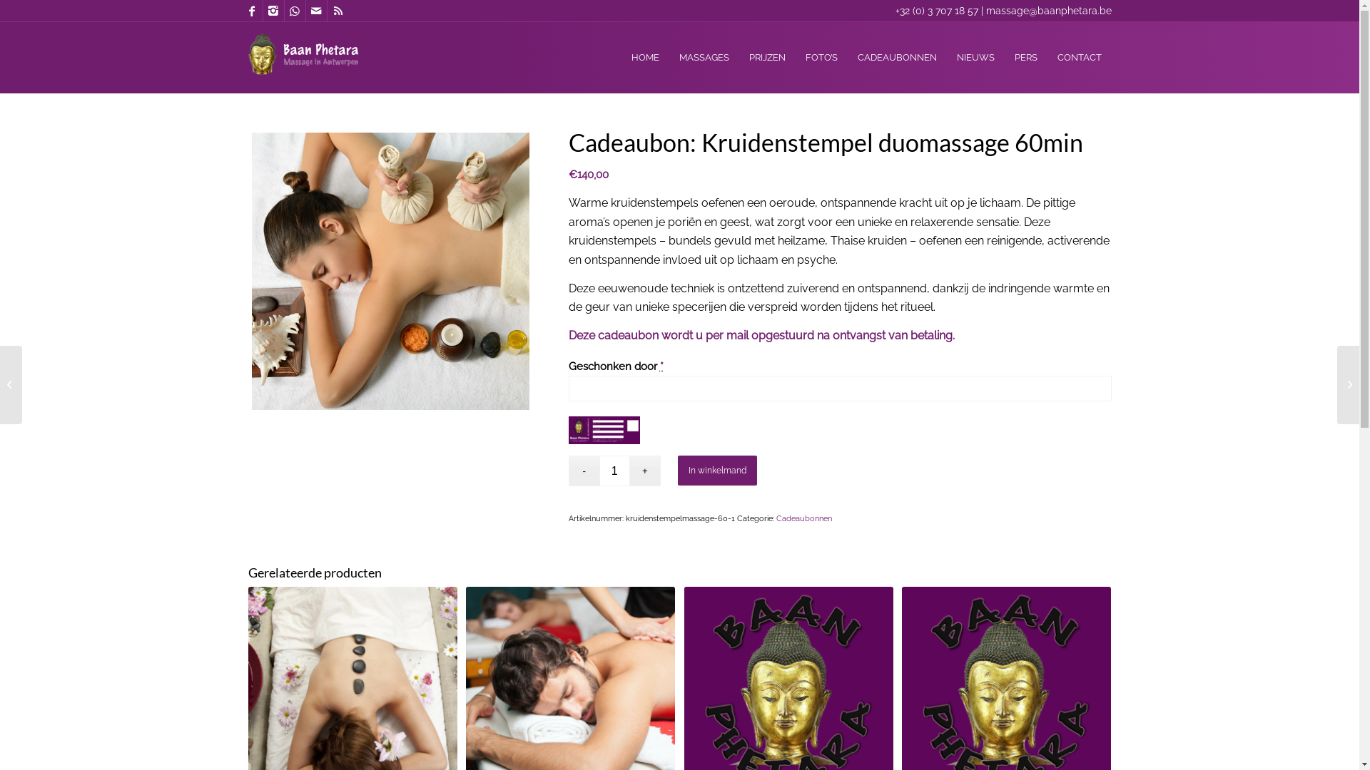 The height and width of the screenshot is (770, 1370). I want to click on 'CADEAUBONNEN', so click(896, 57).